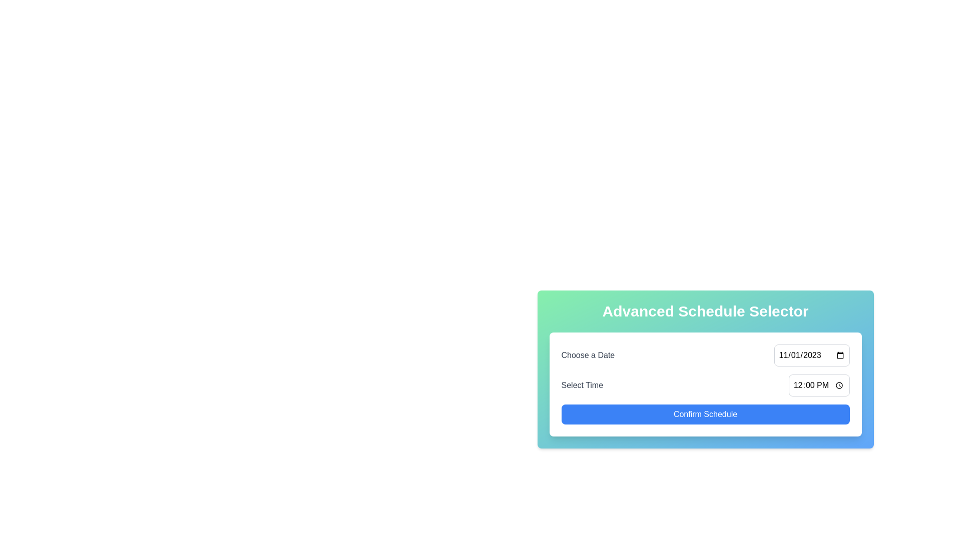 This screenshot has height=540, width=961. Describe the element at coordinates (588, 354) in the screenshot. I see `the static text label displaying 'Choose a Date' which is positioned on the left side of the interface above the 'Select Time' label` at that location.